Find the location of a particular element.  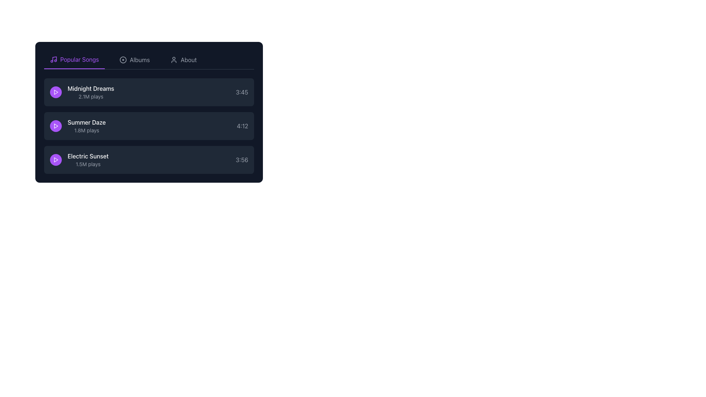

the 'About' navigation button, which features text and a user icon is located at coordinates (183, 59).